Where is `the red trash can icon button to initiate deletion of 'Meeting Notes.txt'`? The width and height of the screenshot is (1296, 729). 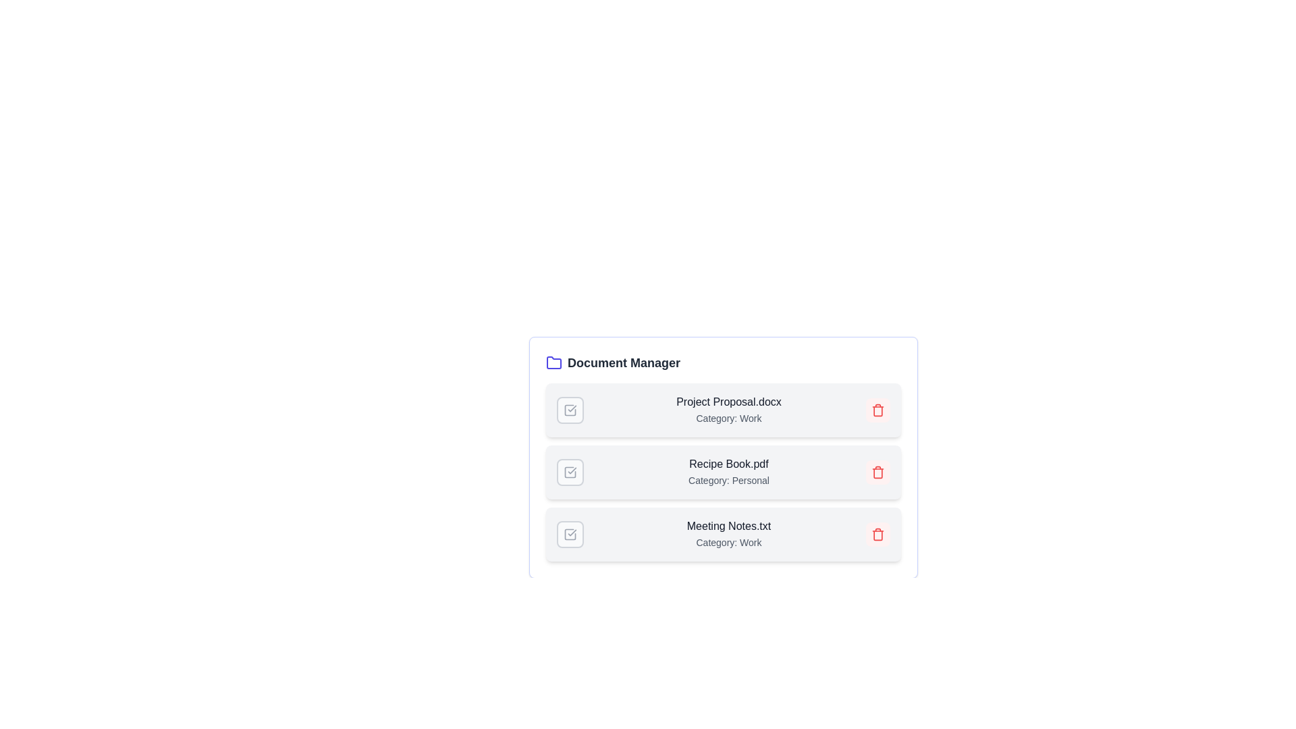
the red trash can icon button to initiate deletion of 'Meeting Notes.txt' is located at coordinates (878, 533).